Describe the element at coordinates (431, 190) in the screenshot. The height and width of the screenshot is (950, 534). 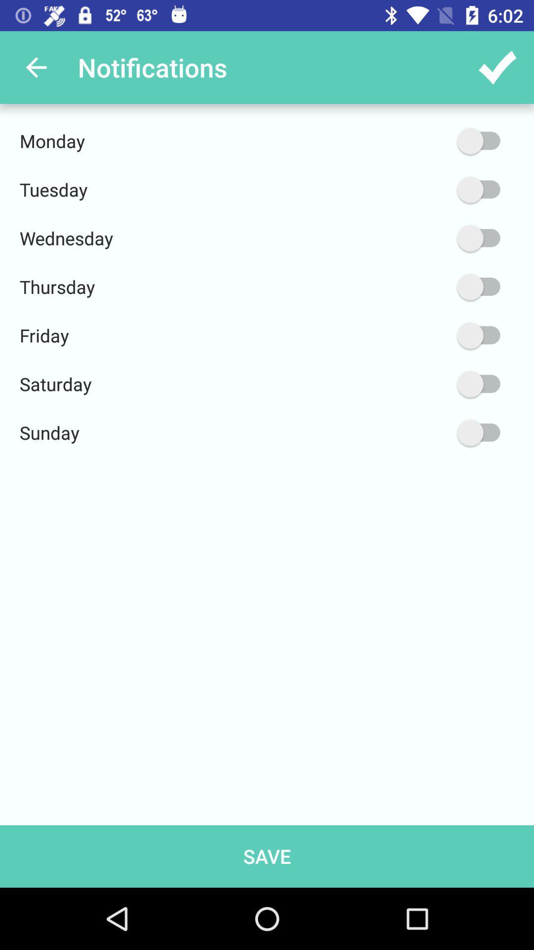
I see `icon to the right of the tuesday icon` at that location.